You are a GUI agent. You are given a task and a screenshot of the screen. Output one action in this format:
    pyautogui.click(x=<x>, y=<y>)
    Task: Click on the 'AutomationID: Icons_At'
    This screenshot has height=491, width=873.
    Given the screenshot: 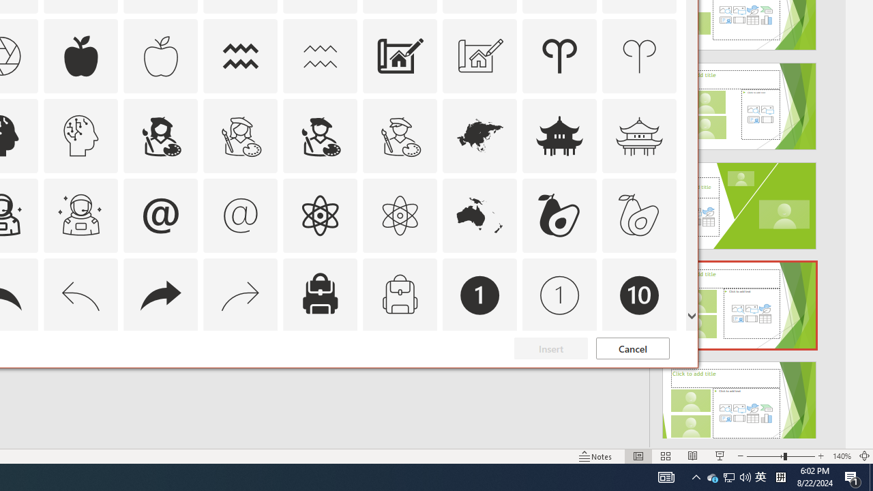 What is the action you would take?
    pyautogui.click(x=160, y=215)
    